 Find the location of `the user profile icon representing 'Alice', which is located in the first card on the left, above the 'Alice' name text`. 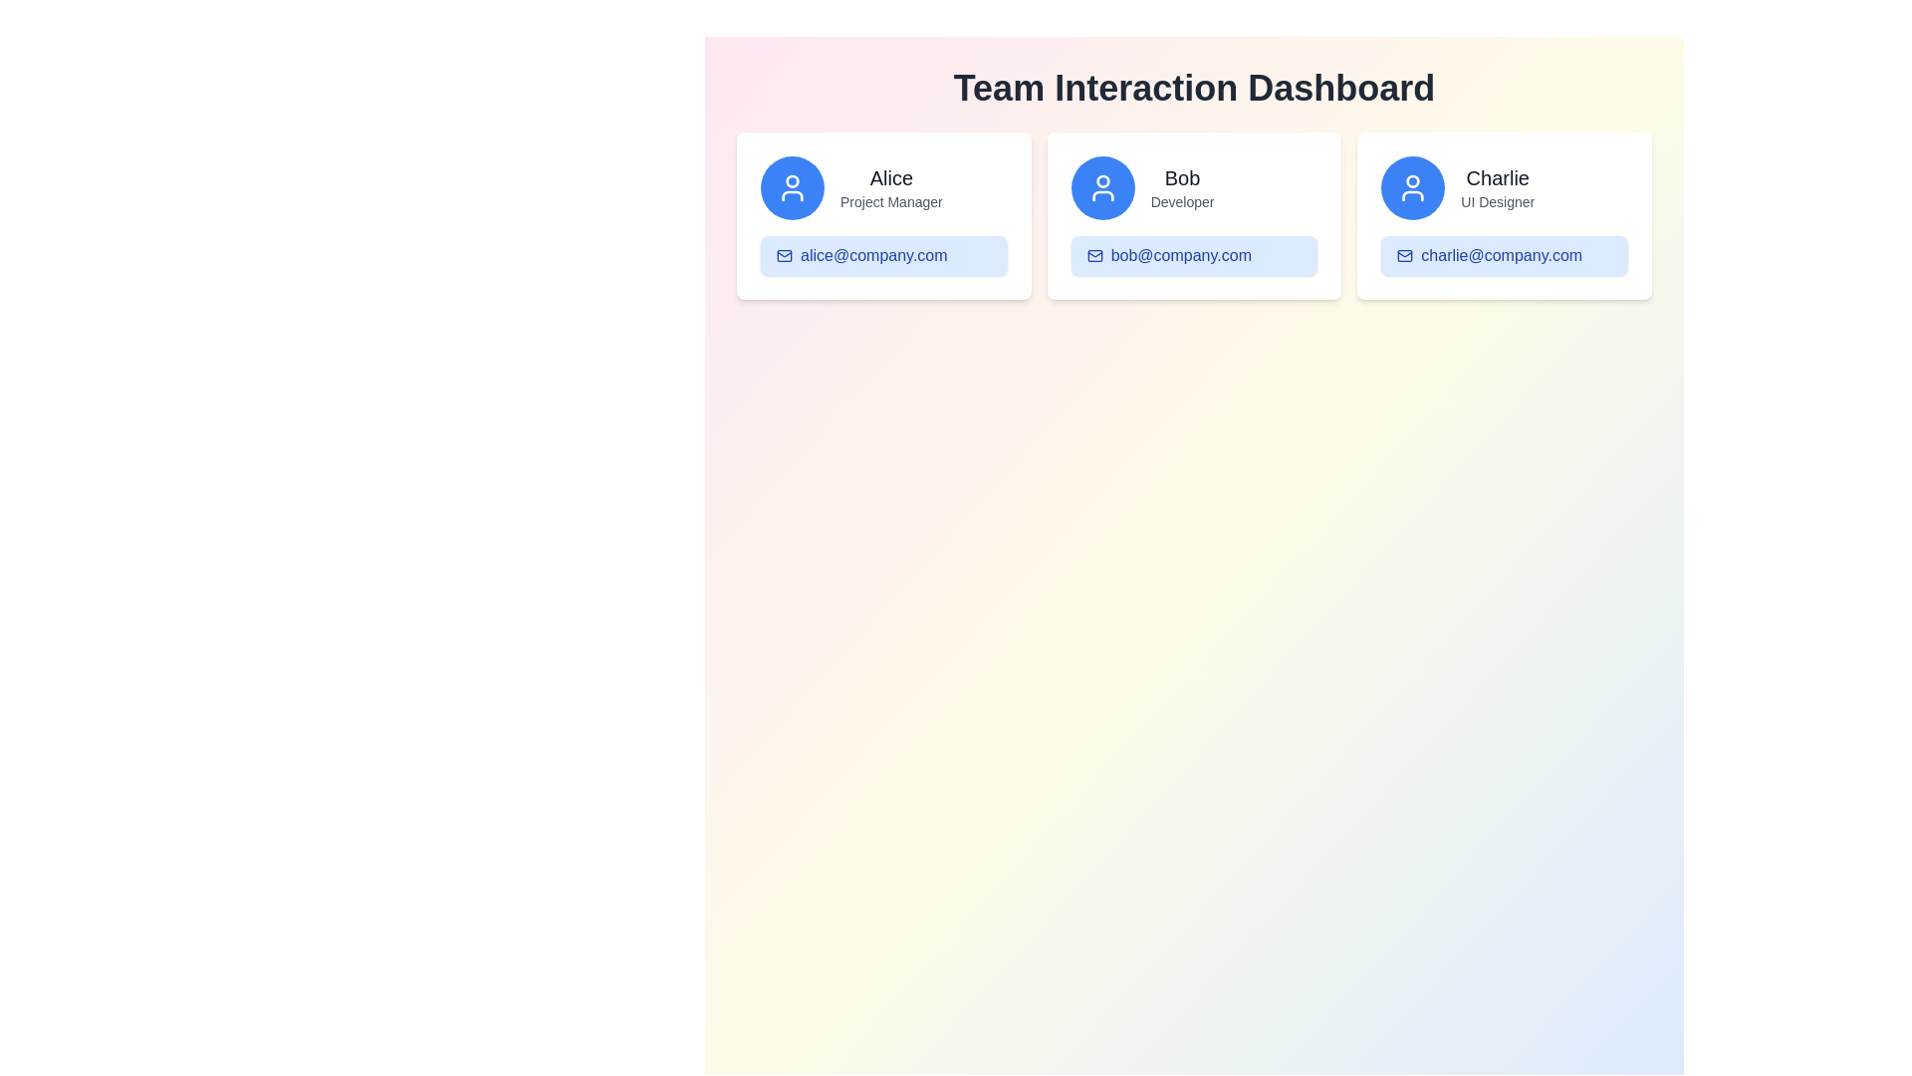

the user profile icon representing 'Alice', which is located in the first card on the left, above the 'Alice' name text is located at coordinates (792, 188).